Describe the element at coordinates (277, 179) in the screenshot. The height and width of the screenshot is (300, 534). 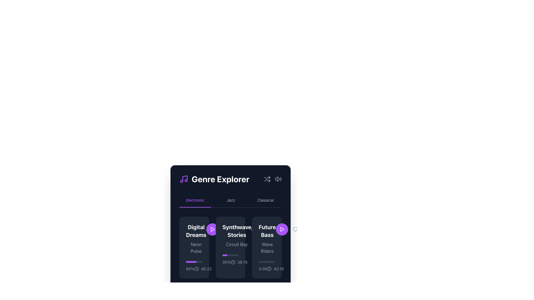
I see `the minimalist speaker icon located in the top-right corner of the application layout` at that location.